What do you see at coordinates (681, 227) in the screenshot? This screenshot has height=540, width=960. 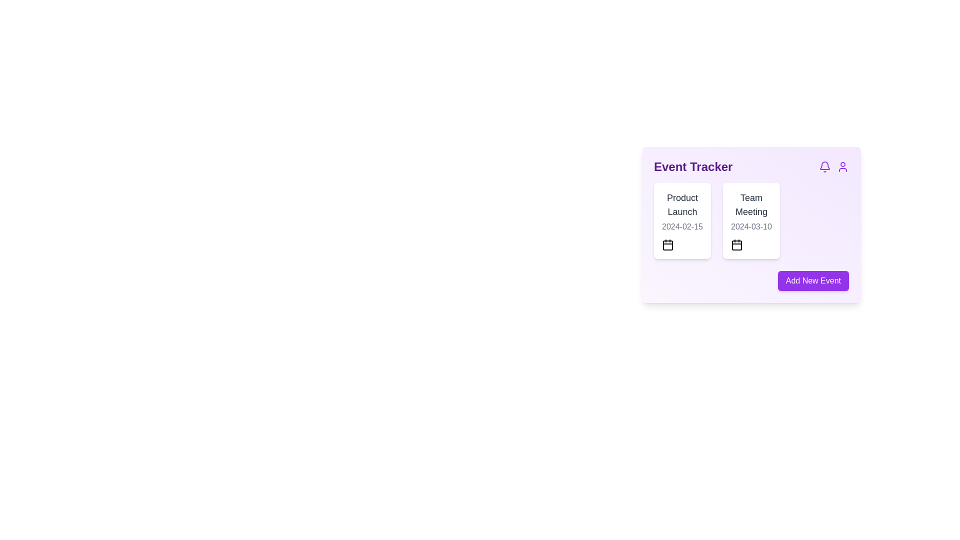 I see `the text label displaying the date '2024-02-15', which is located below the 'Product Launch' text in the card-like structure` at bounding box center [681, 227].